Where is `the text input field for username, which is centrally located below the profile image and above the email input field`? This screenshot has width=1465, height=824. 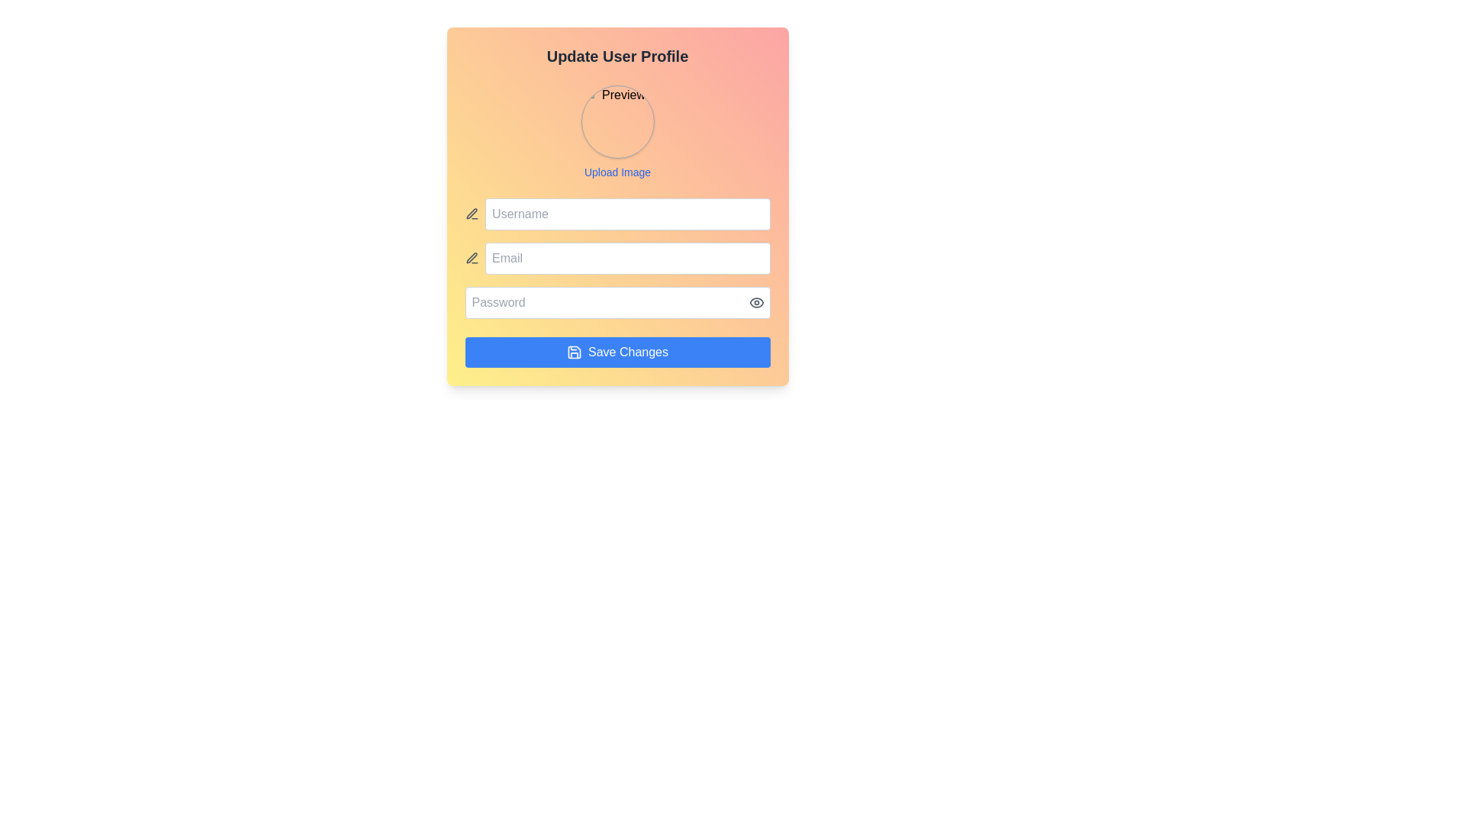
the text input field for username, which is centrally located below the profile image and above the email input field is located at coordinates (617, 206).